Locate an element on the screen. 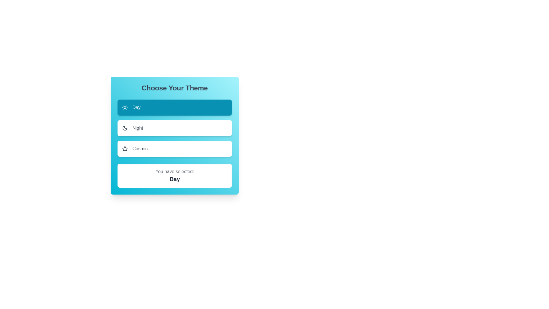  the 'Day' theme text label, which is positioned immediately to the right of the corresponding icon in the theme selection list is located at coordinates (136, 107).